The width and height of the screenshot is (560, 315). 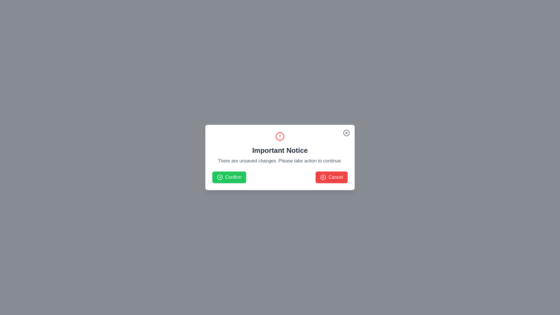 What do you see at coordinates (323, 177) in the screenshot?
I see `the cancel icon located on the red 'Cancel' button, positioned to the left of the 'Cancel' text, which is part of a confirmation dialog box` at bounding box center [323, 177].